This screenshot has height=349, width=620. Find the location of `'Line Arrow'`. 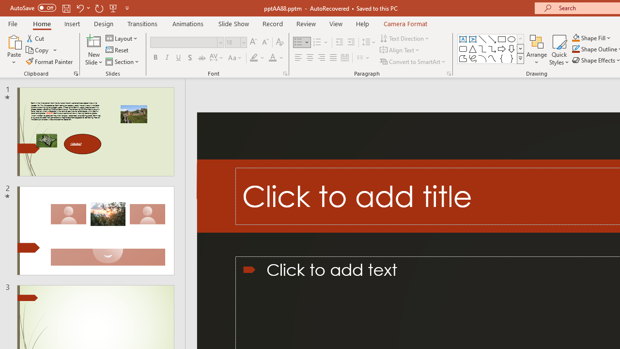

'Line Arrow' is located at coordinates (492, 39).